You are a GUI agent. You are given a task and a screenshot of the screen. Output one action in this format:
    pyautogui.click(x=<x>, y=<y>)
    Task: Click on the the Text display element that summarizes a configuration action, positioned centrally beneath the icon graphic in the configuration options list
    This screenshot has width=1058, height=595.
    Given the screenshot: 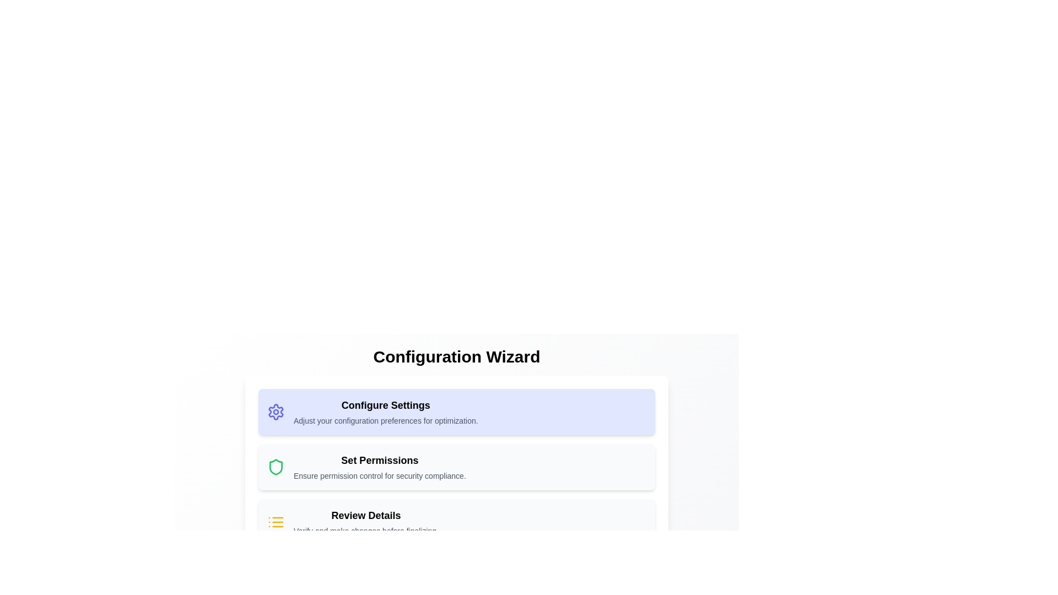 What is the action you would take?
    pyautogui.click(x=386, y=412)
    